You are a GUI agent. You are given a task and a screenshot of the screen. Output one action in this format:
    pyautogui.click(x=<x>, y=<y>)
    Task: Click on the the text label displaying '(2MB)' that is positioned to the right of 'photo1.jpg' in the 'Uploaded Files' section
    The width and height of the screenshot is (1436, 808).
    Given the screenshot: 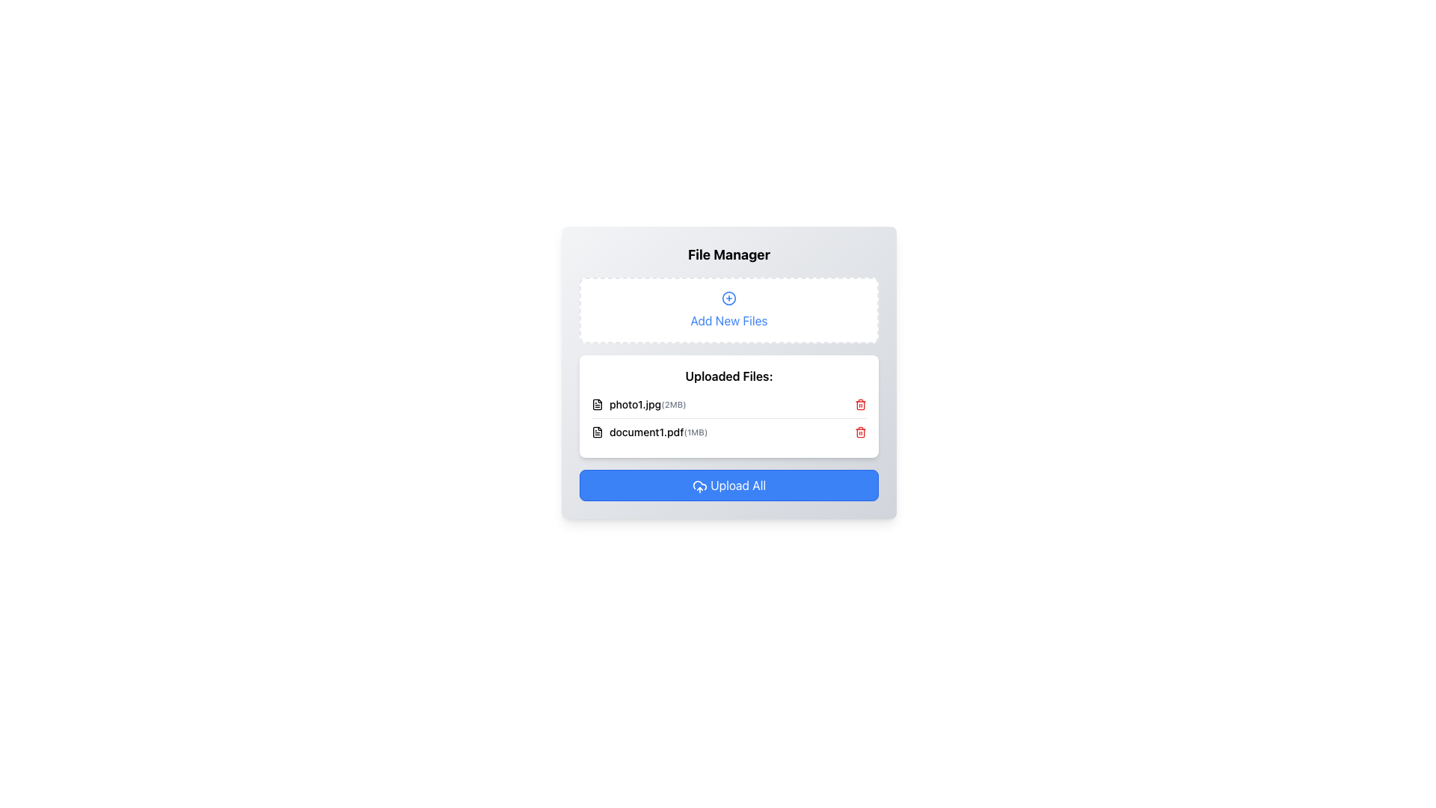 What is the action you would take?
    pyautogui.click(x=672, y=404)
    